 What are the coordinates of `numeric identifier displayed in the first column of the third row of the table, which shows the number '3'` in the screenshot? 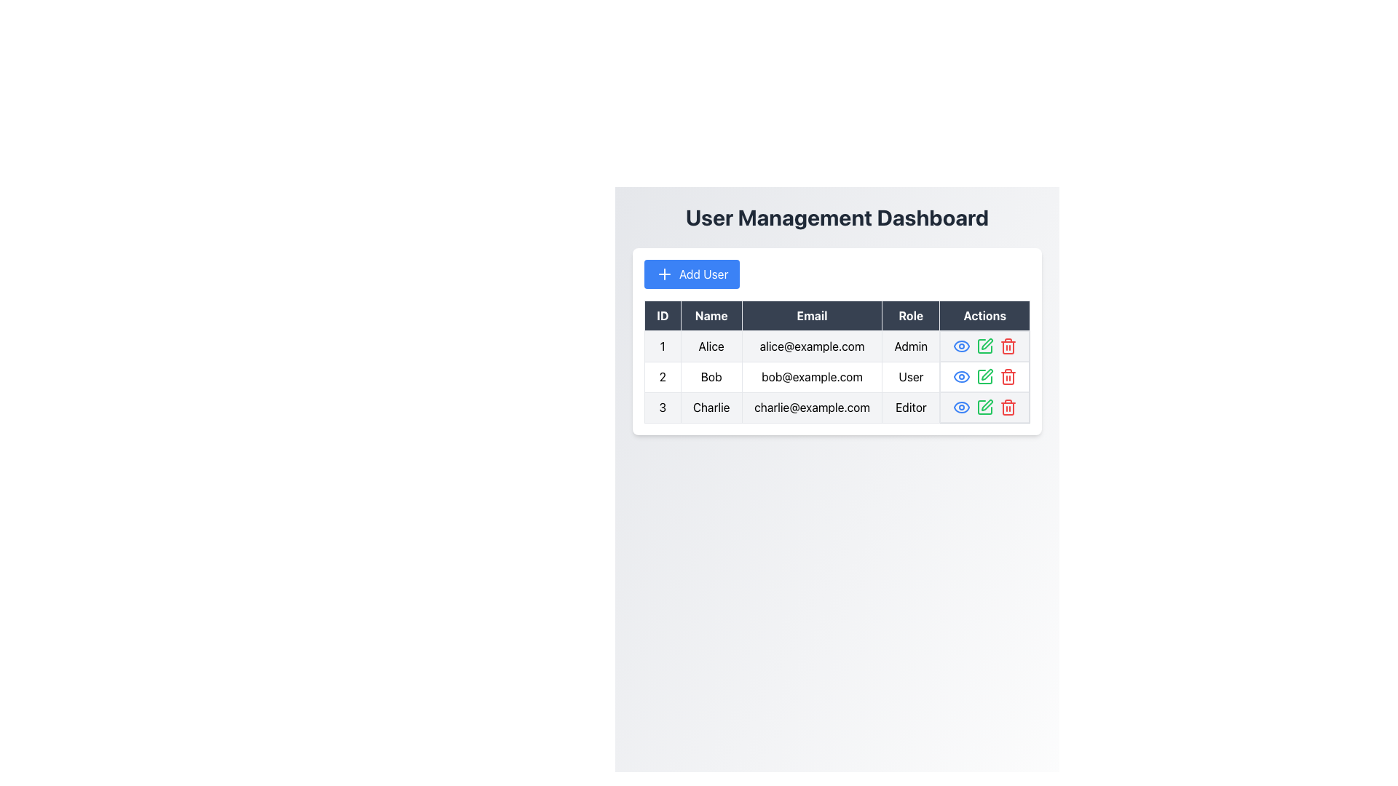 It's located at (662, 408).